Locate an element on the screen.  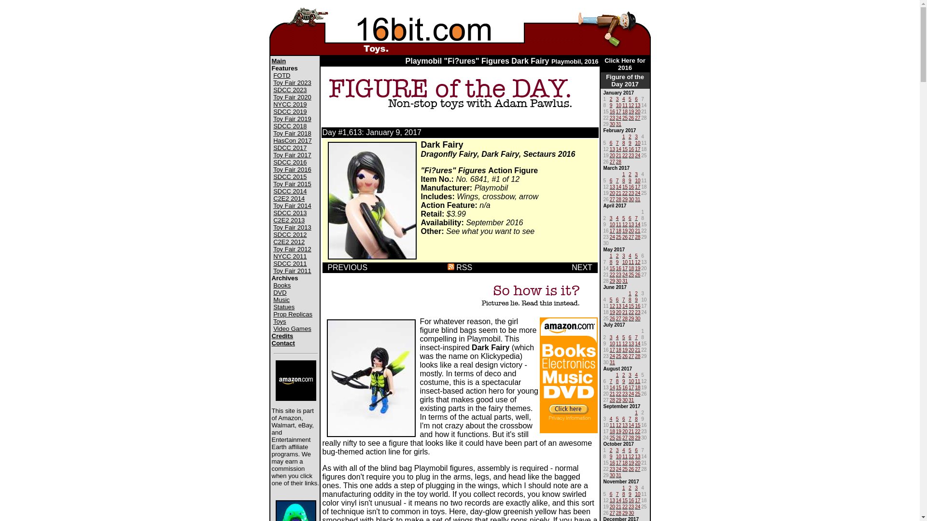
'Books' is located at coordinates (281, 285).